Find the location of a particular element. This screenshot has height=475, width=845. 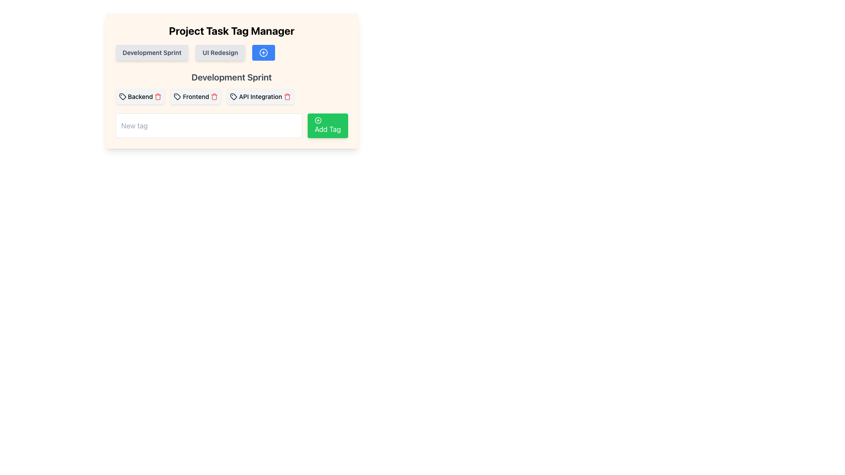

the small red trash can icon delete button located to the right of the 'Frontend' tag in the 'Development Sprint' section is located at coordinates (214, 96).